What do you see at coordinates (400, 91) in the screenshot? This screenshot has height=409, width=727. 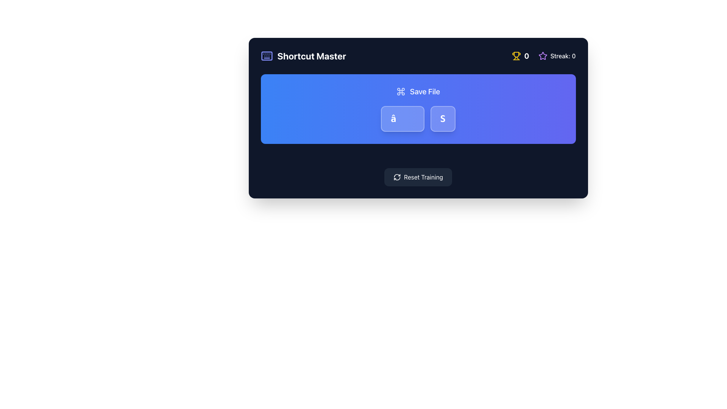 I see `the small white command symbol icon that is part of the 'Save File' button, located in the upper portion of the main blue rectangular area` at bounding box center [400, 91].